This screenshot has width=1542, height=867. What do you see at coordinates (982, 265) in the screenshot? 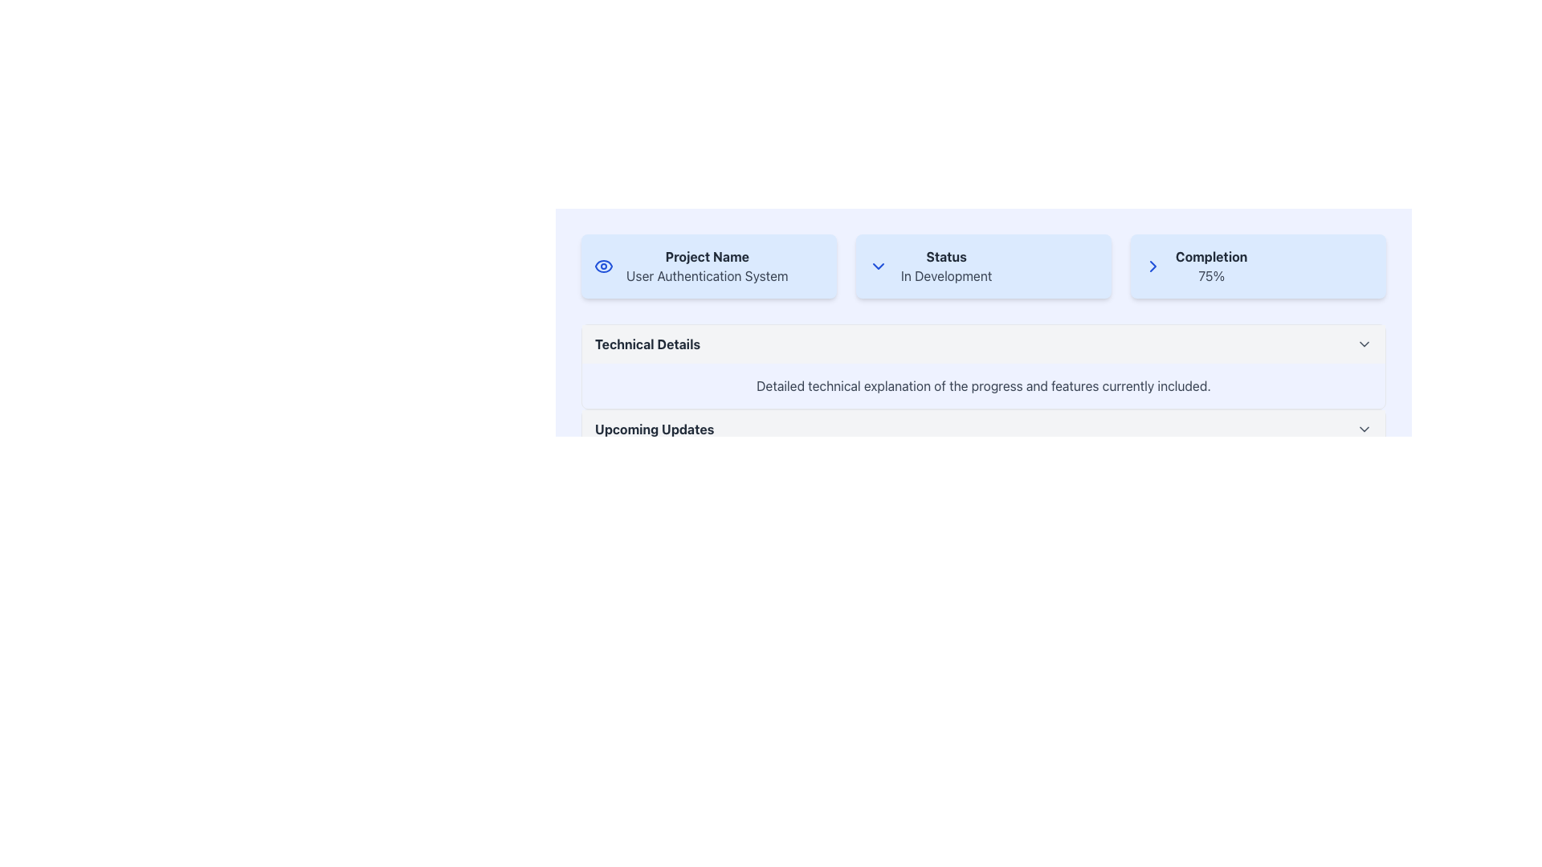
I see `the Text Display with Icon that shows the current status of a project or task, positioned centrally in a three-column layout between 'Project Name' and 'Completion'` at bounding box center [982, 265].